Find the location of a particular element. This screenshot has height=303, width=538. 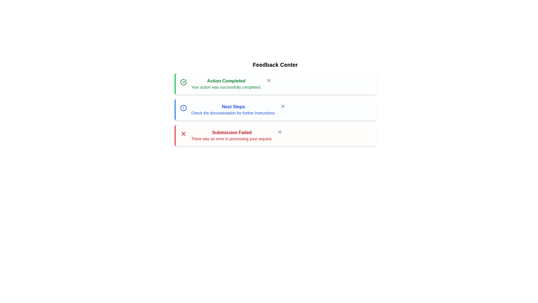

the alert with title Action Completed and read its message is located at coordinates (275, 84).